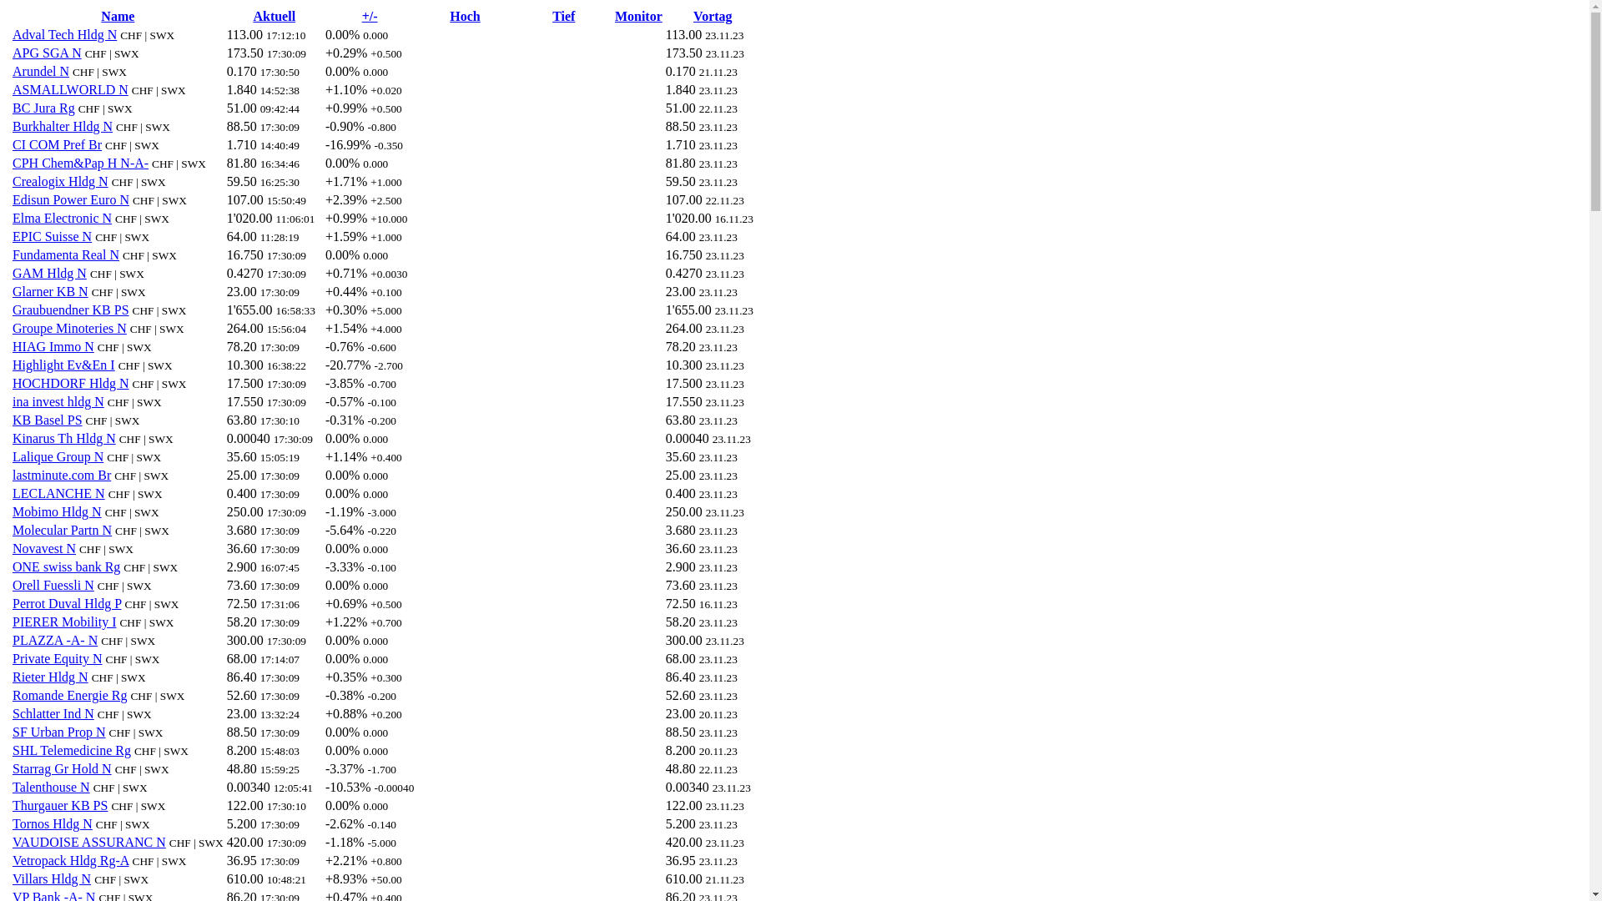 The width and height of the screenshot is (1602, 901). I want to click on 'EPIC Suisse N', so click(52, 236).